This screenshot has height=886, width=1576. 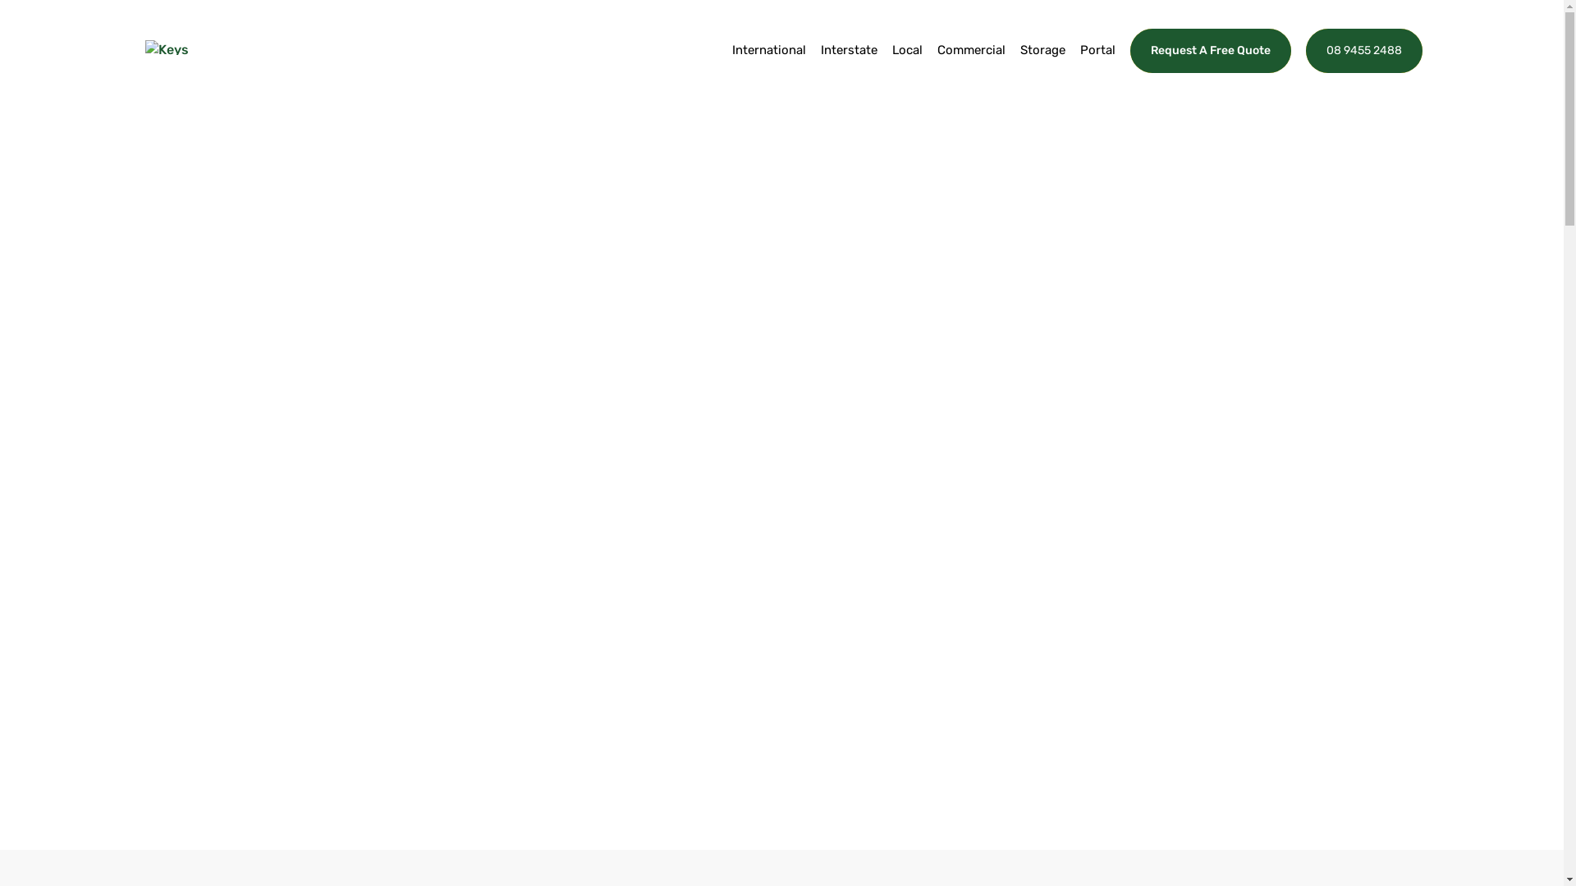 I want to click on 'International', so click(x=767, y=68).